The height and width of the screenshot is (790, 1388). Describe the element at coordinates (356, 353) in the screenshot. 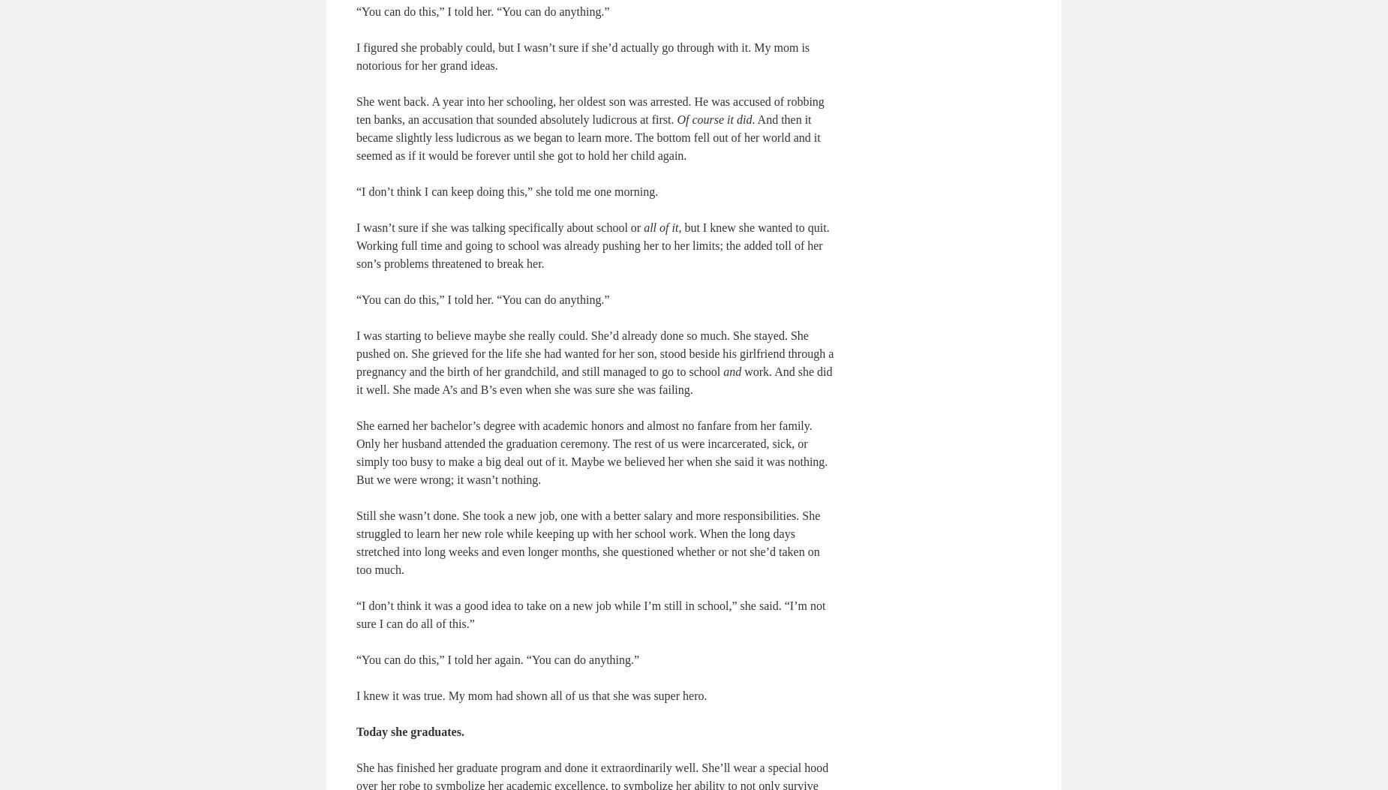

I see `'I was starting to believe maybe she really could. She’d already done so much. She stayed. She pushed on. She grieved for the life she had wanted for her son, stood beside his girlfriend through a pregnancy and the birth of her grandchild, and still managed to go to school'` at that location.